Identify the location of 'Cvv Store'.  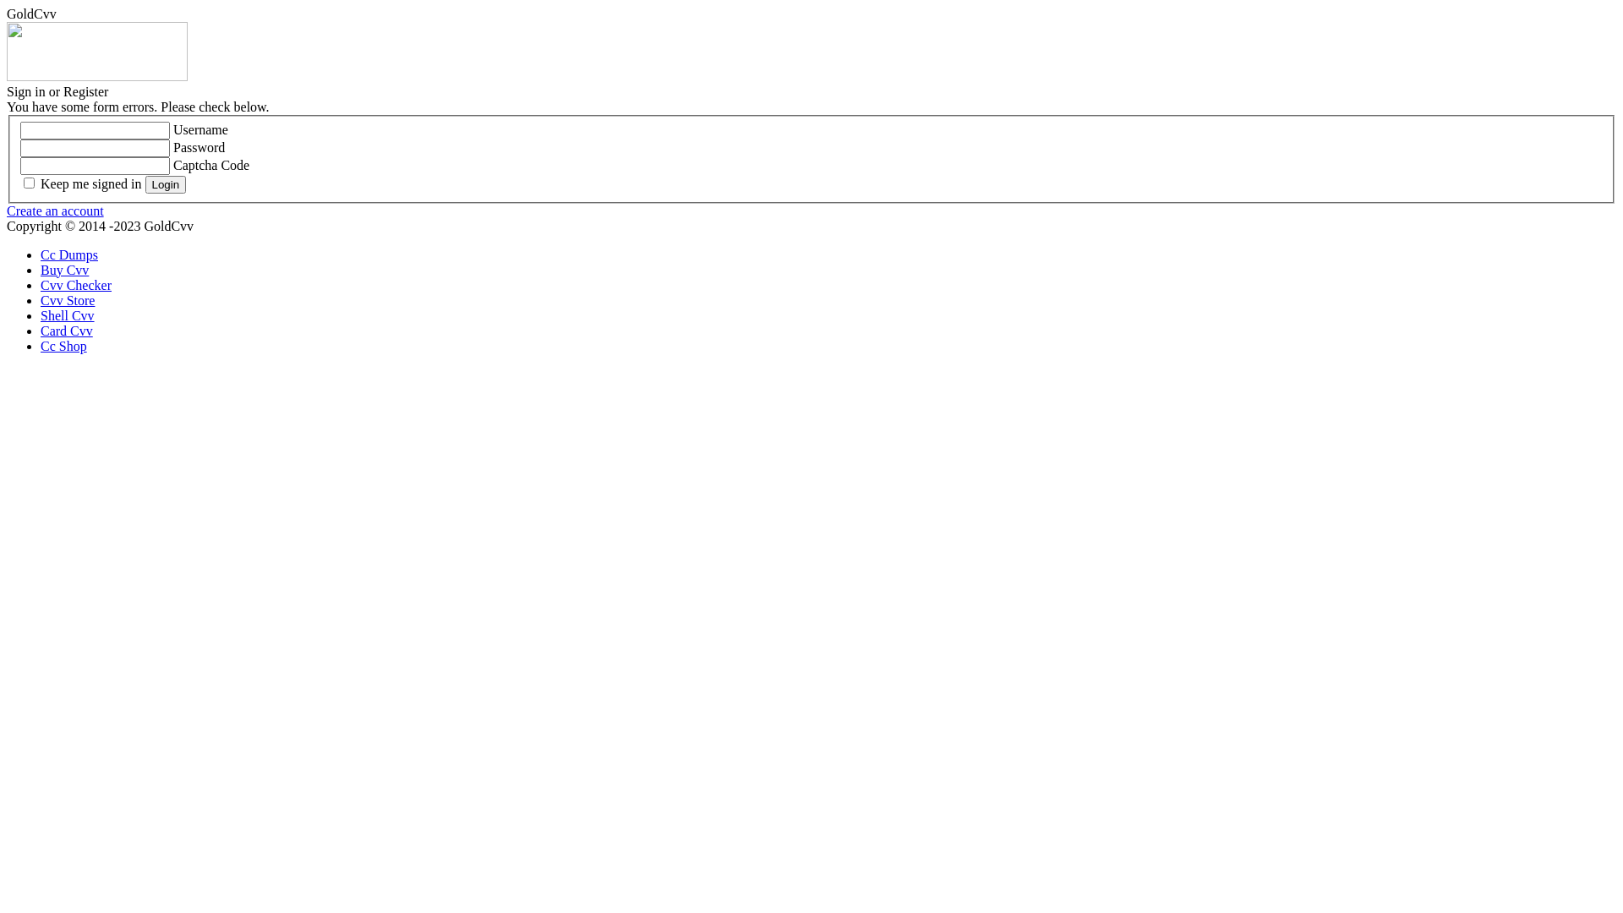
(68, 299).